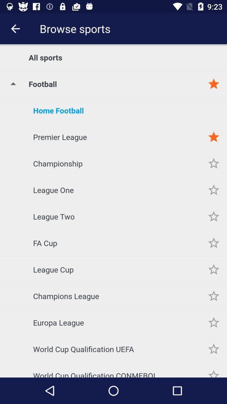 The image size is (227, 404). Describe the element at coordinates (214, 137) in the screenshot. I see `to favorites` at that location.